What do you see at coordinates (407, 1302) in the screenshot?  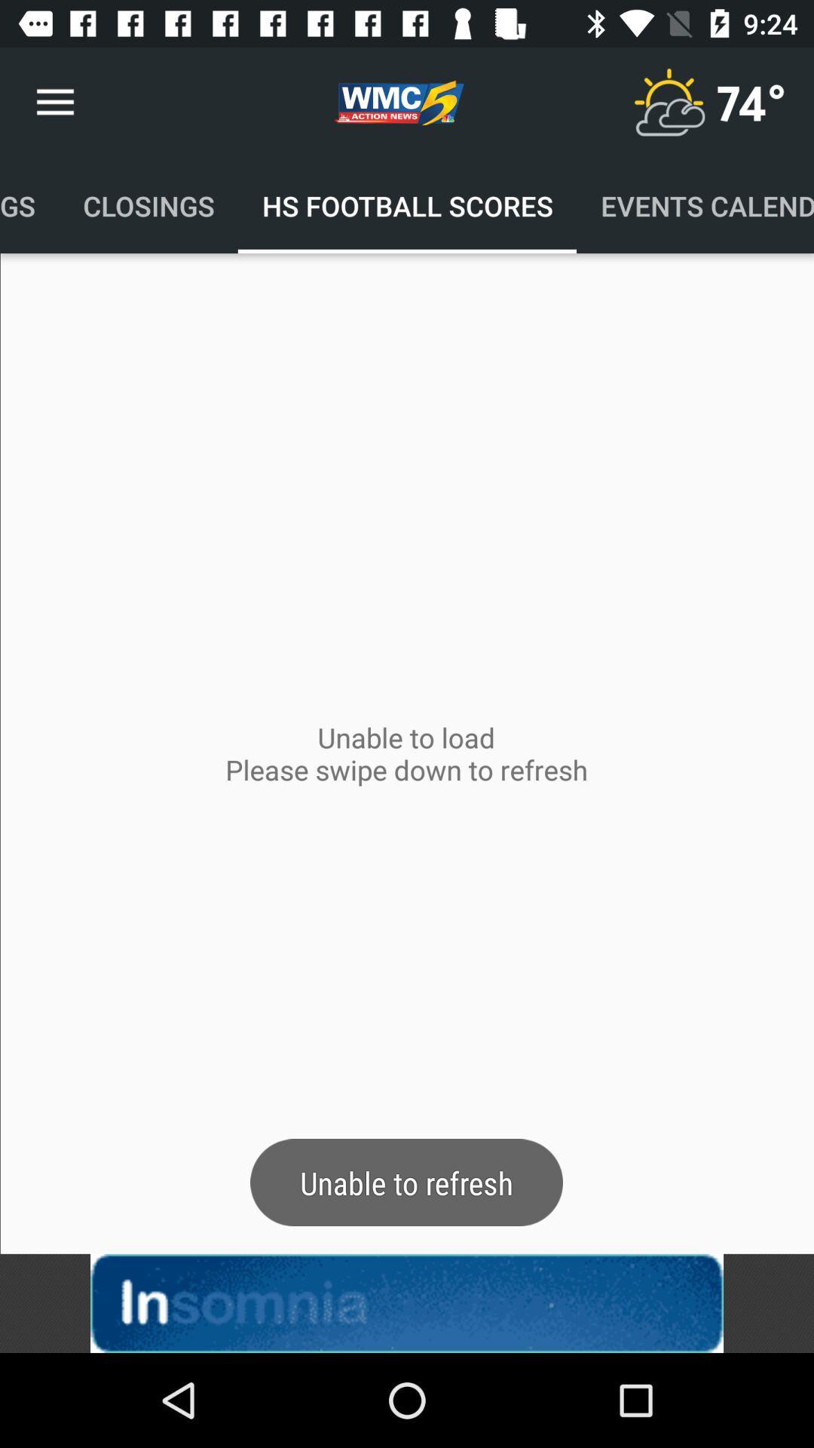 I see `linked button` at bounding box center [407, 1302].